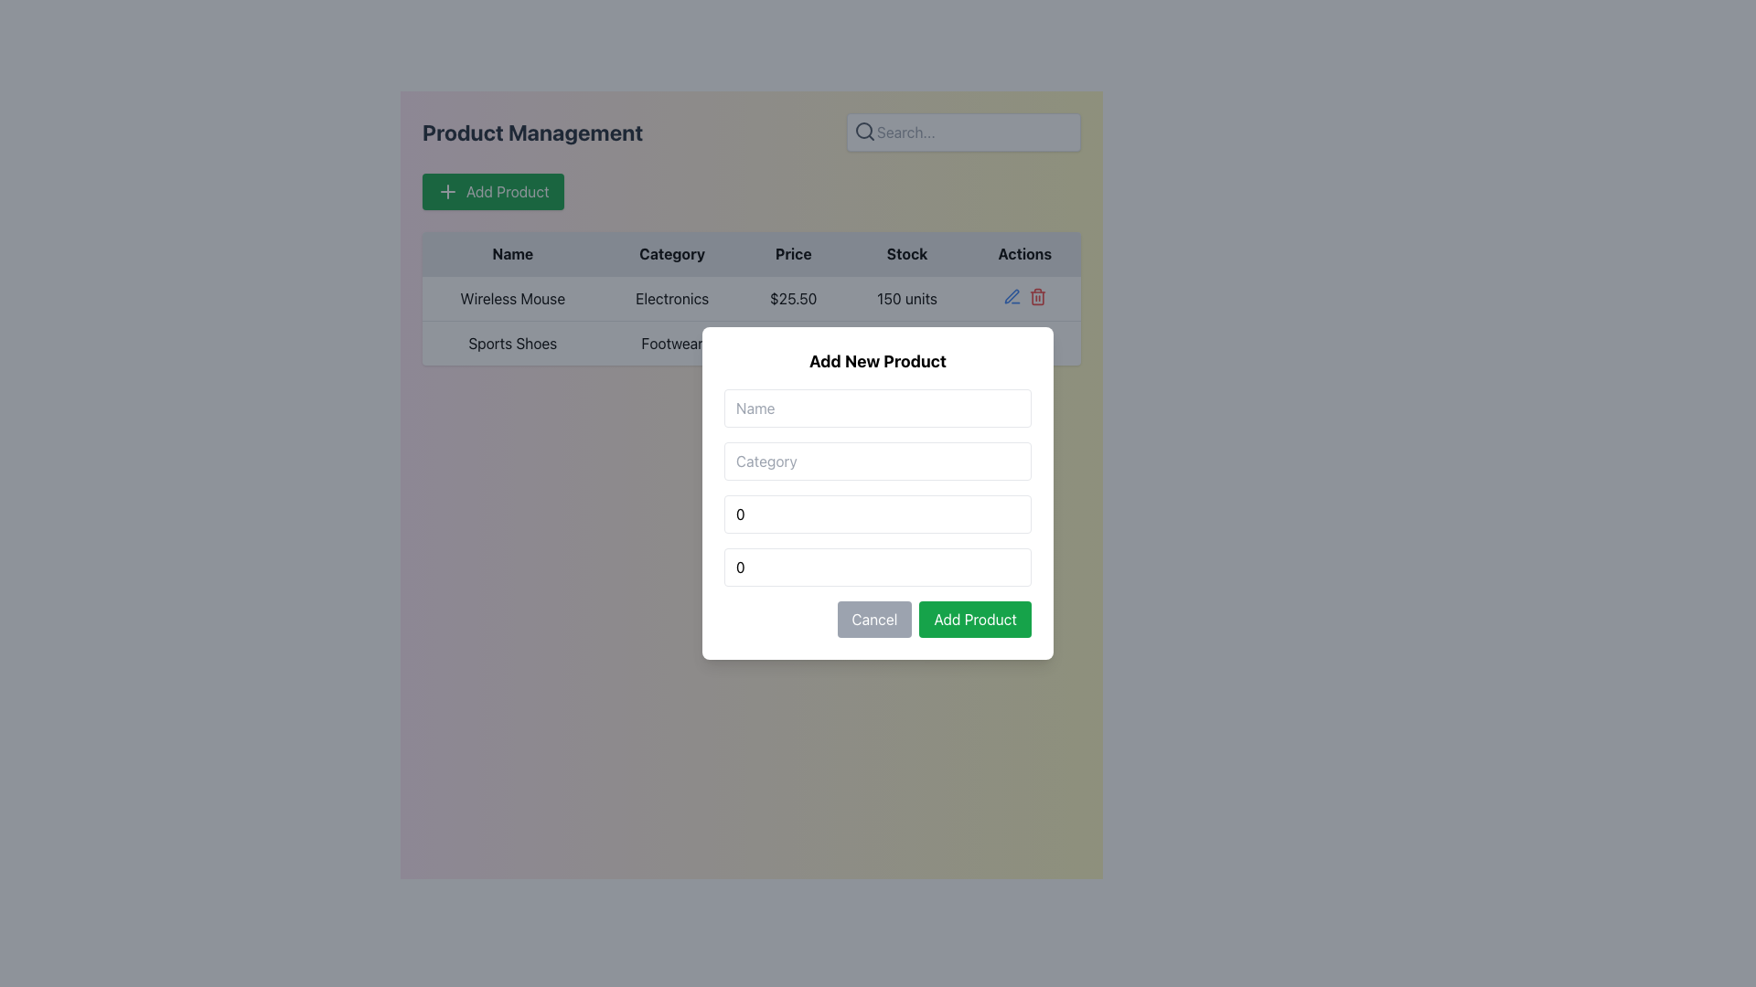  What do you see at coordinates (493, 191) in the screenshot?
I see `the green 'Add Product' button with a white plus icon to observe visual feedback` at bounding box center [493, 191].